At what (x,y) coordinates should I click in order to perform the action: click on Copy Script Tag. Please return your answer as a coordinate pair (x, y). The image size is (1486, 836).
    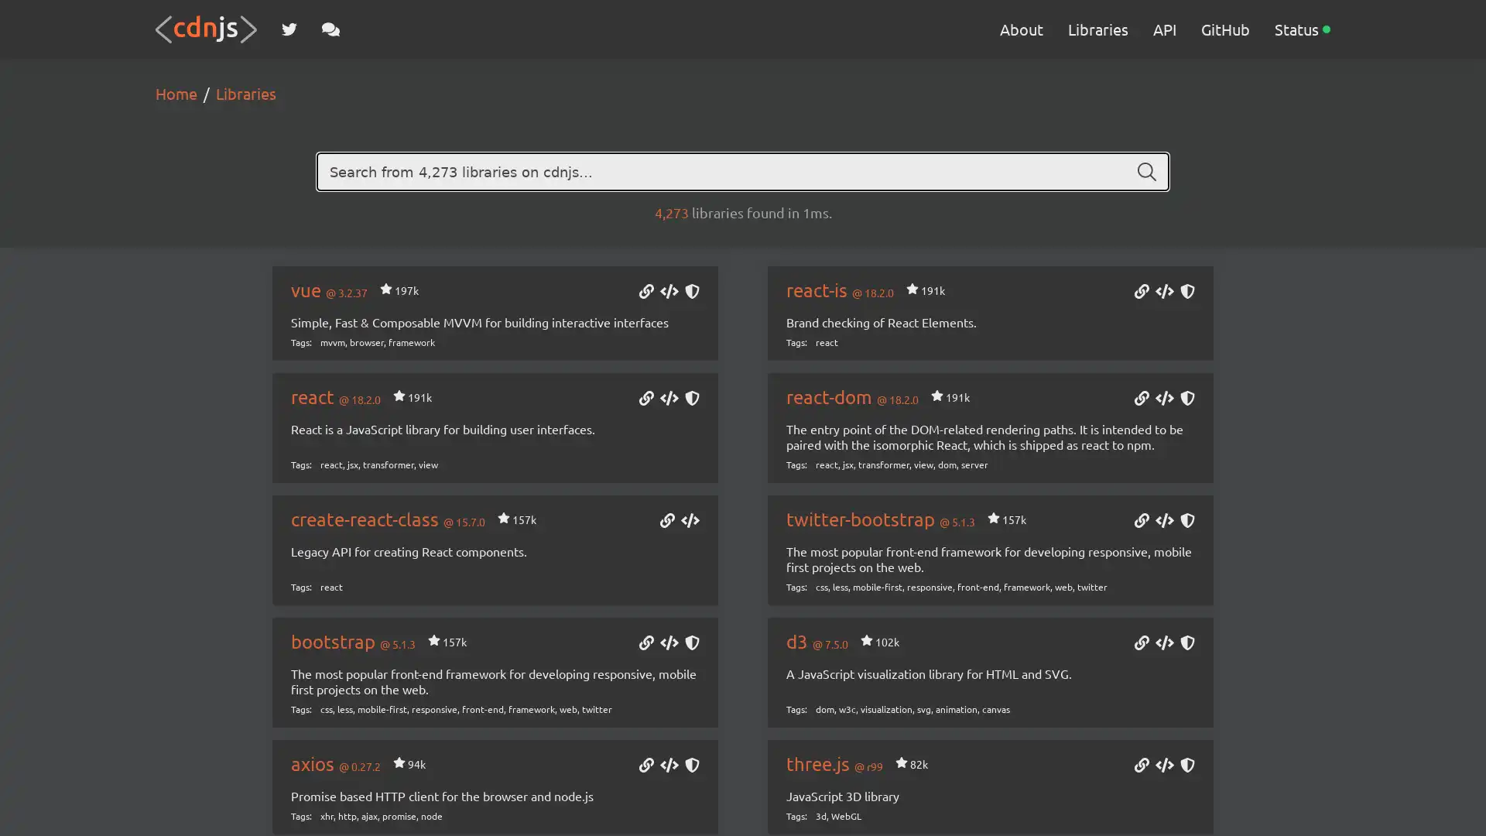
    Looking at the image, I should click on (669, 766).